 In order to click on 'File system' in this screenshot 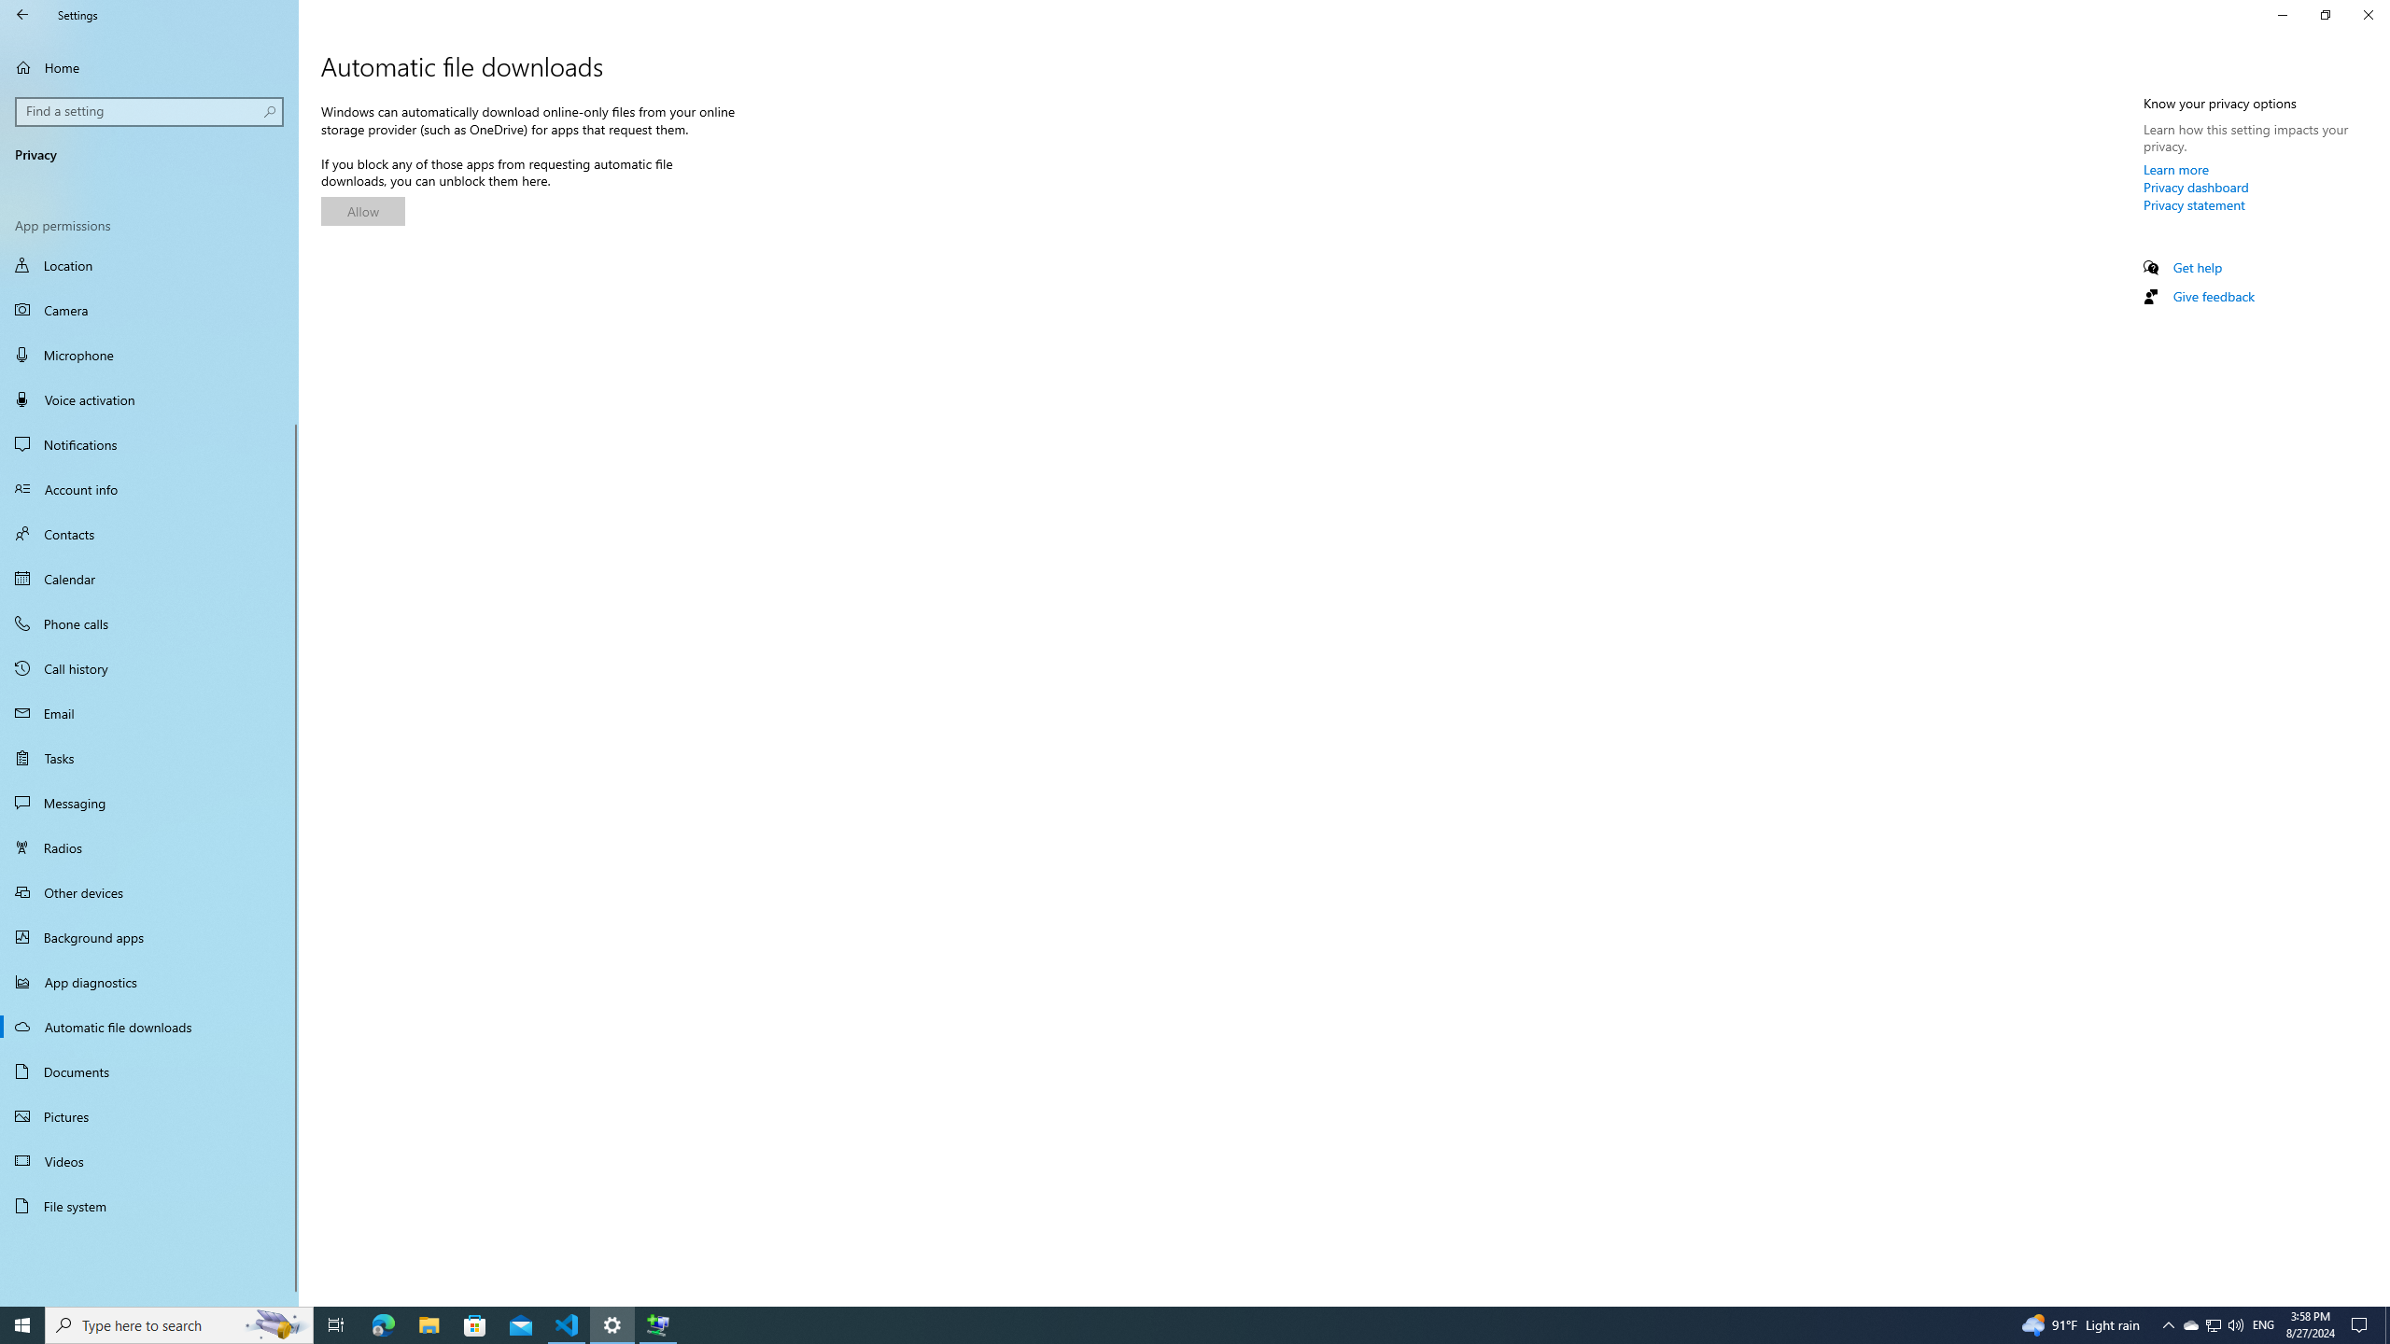, I will do `click(148, 1205)`.